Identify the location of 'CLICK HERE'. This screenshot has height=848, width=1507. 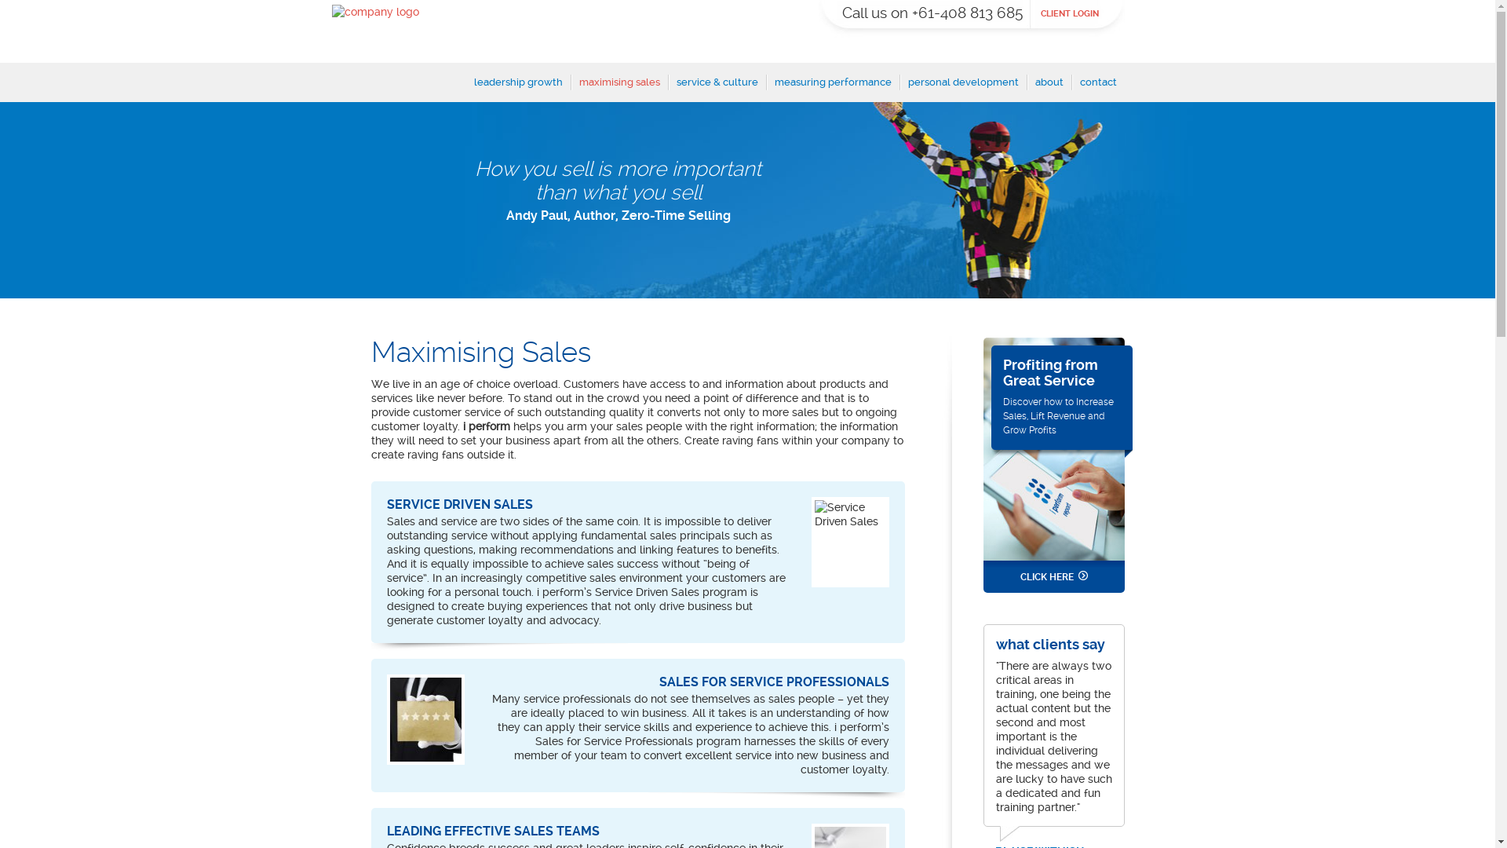
(1053, 576).